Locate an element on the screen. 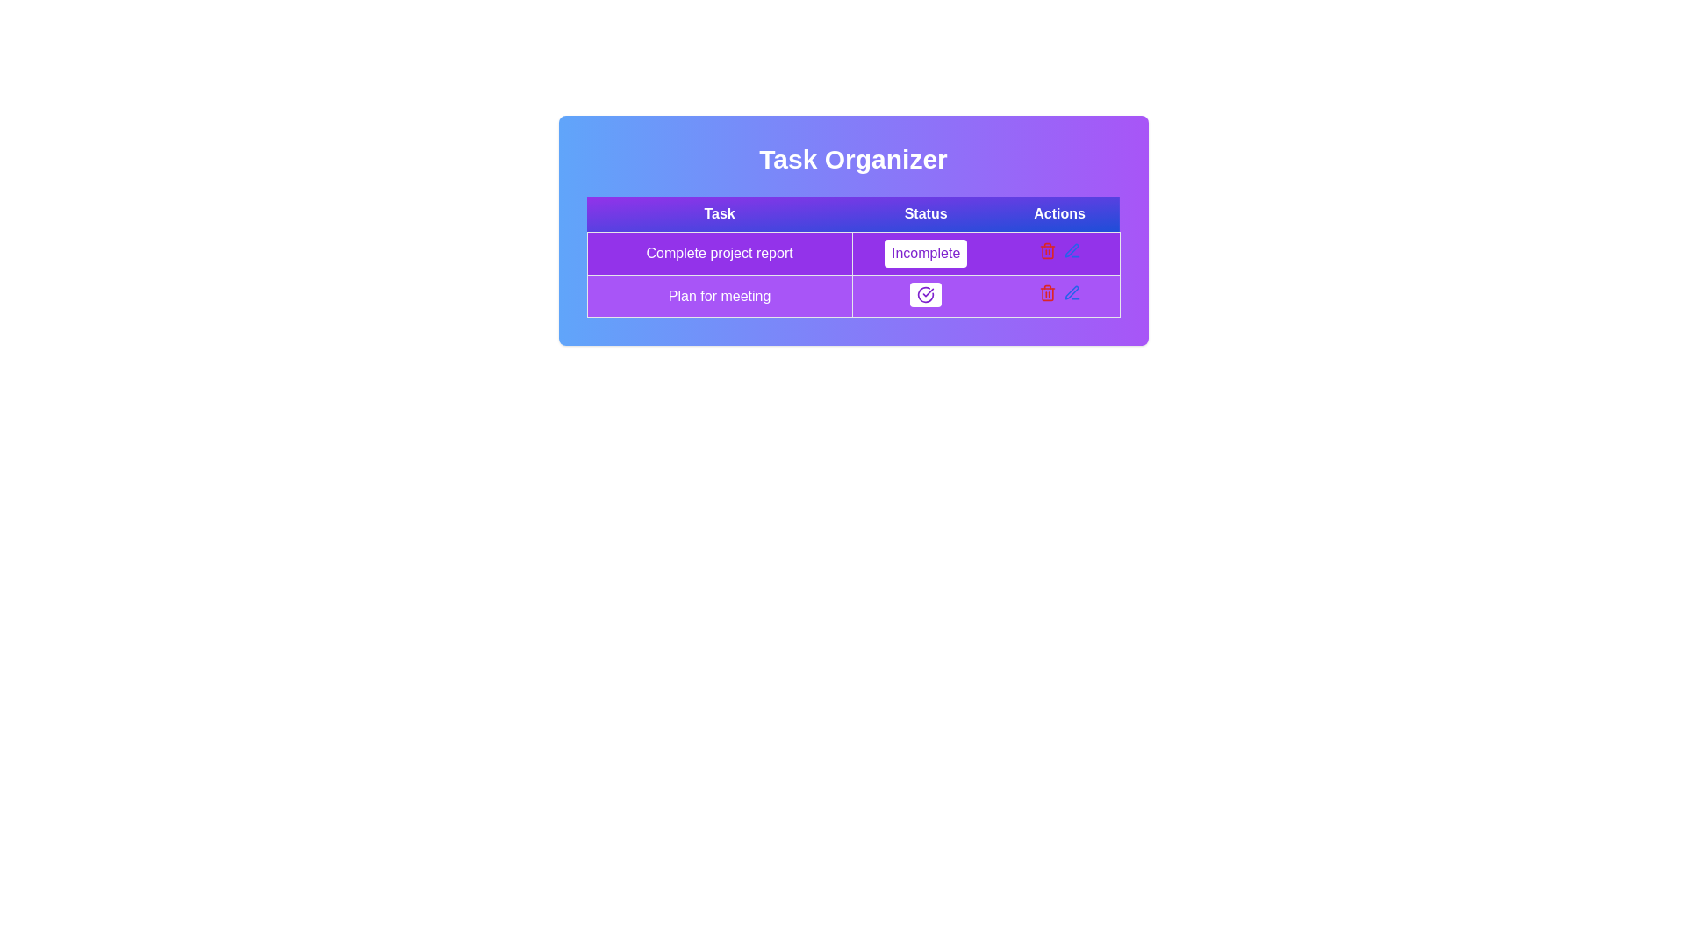 The width and height of the screenshot is (1685, 948). the 'Status' header tab in the task management interface, which is the second tab in the header bar with a gradient background from purple to blue is located at coordinates (925, 213).